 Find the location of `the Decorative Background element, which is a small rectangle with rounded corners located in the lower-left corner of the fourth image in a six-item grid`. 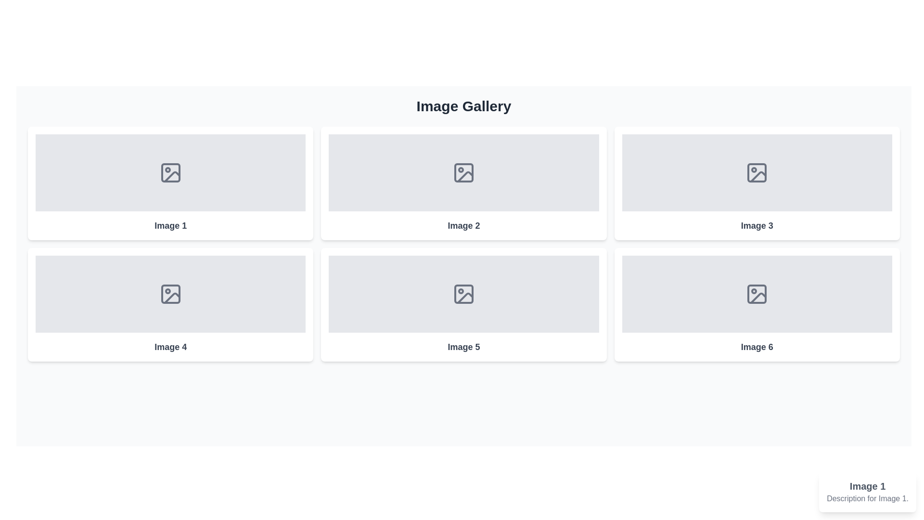

the Decorative Background element, which is a small rectangle with rounded corners located in the lower-left corner of the fourth image in a six-item grid is located at coordinates (170, 293).